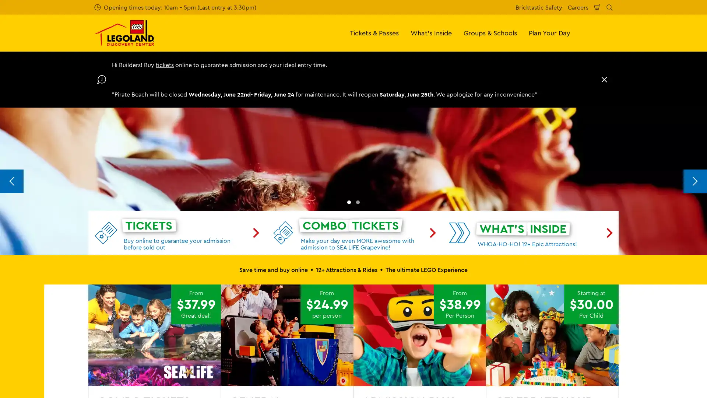 The height and width of the screenshot is (398, 707). What do you see at coordinates (604, 80) in the screenshot?
I see `Close` at bounding box center [604, 80].